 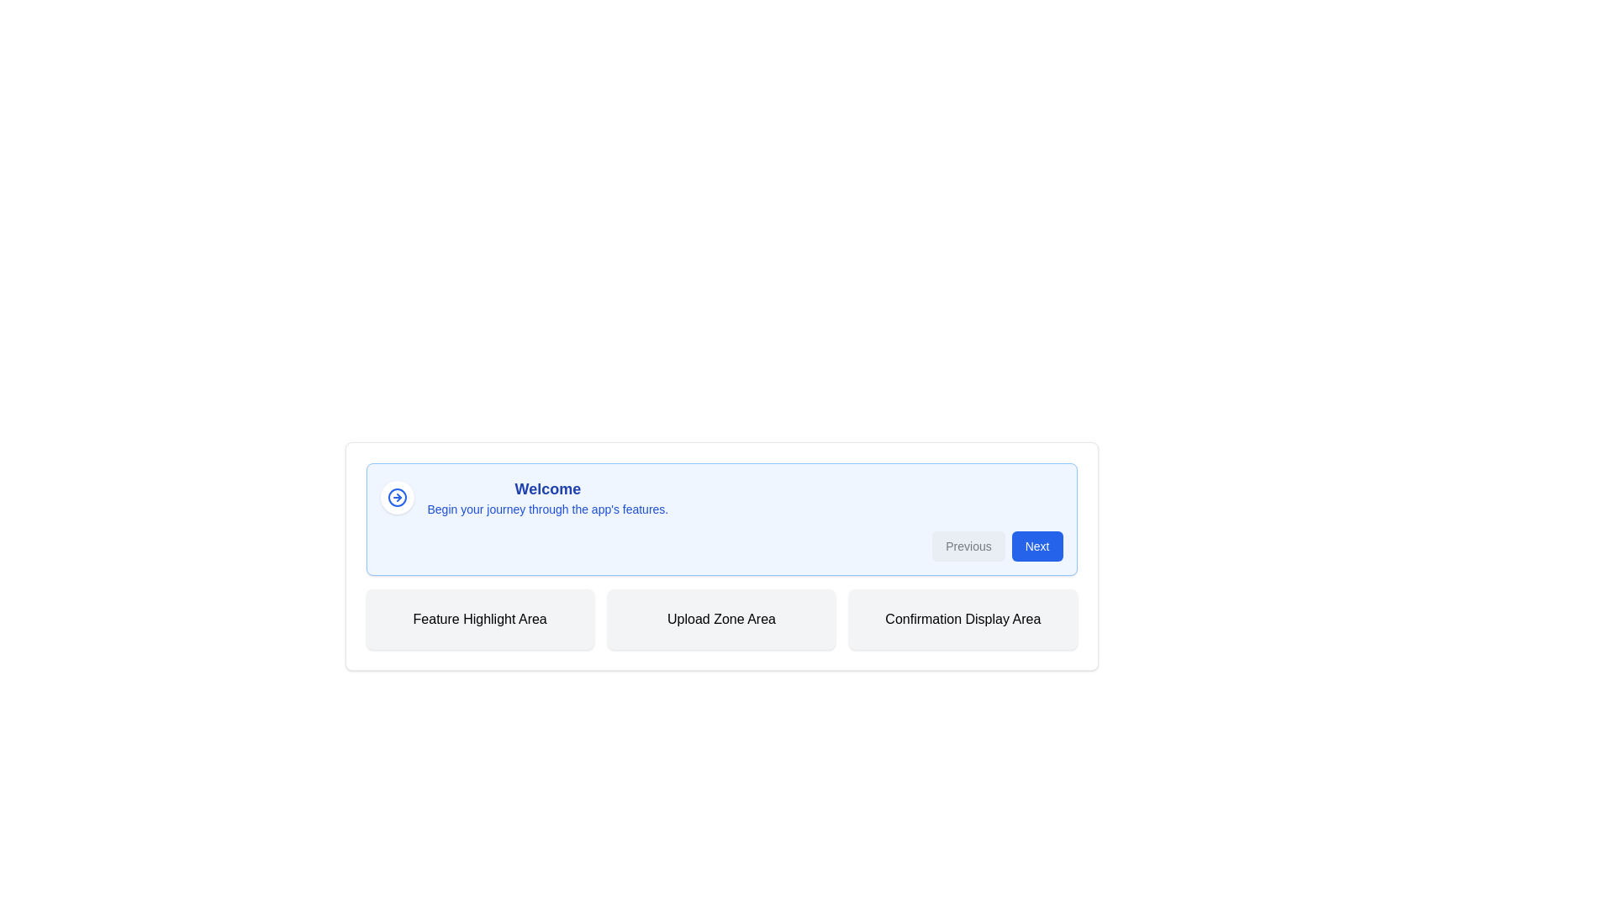 I want to click on the leftmost Label or informational display box that serves as a header for the feature highlight section, positioned below a header section and to the left of the 'Upload Zone Area' and 'Confirmation Display Area', so click(x=479, y=619).